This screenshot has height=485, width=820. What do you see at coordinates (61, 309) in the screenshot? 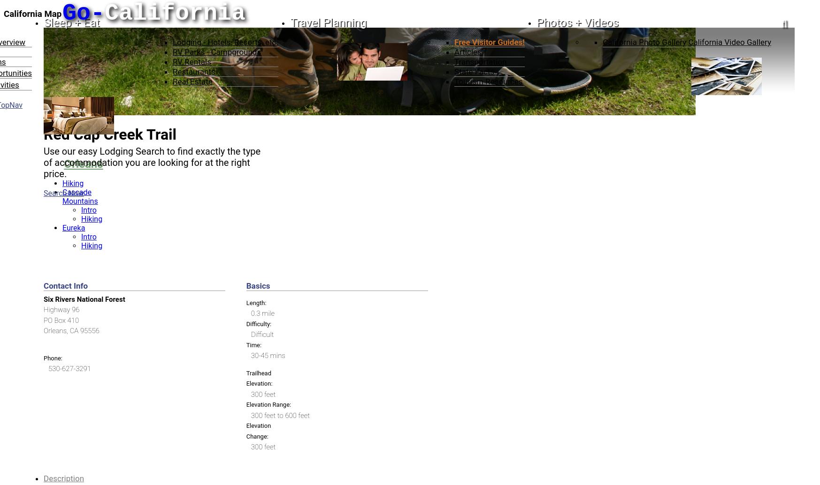
I see `'Highway 96'` at bounding box center [61, 309].